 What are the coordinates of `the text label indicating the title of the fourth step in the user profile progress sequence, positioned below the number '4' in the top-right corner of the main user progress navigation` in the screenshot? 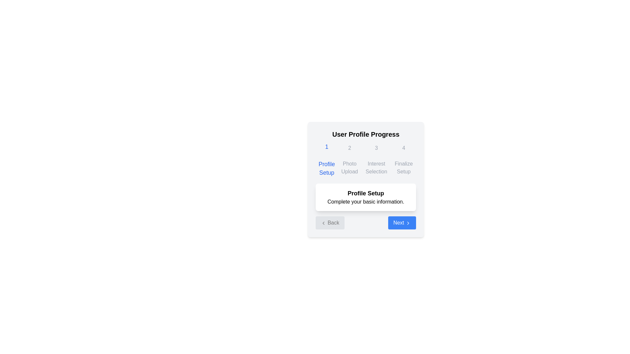 It's located at (403, 167).